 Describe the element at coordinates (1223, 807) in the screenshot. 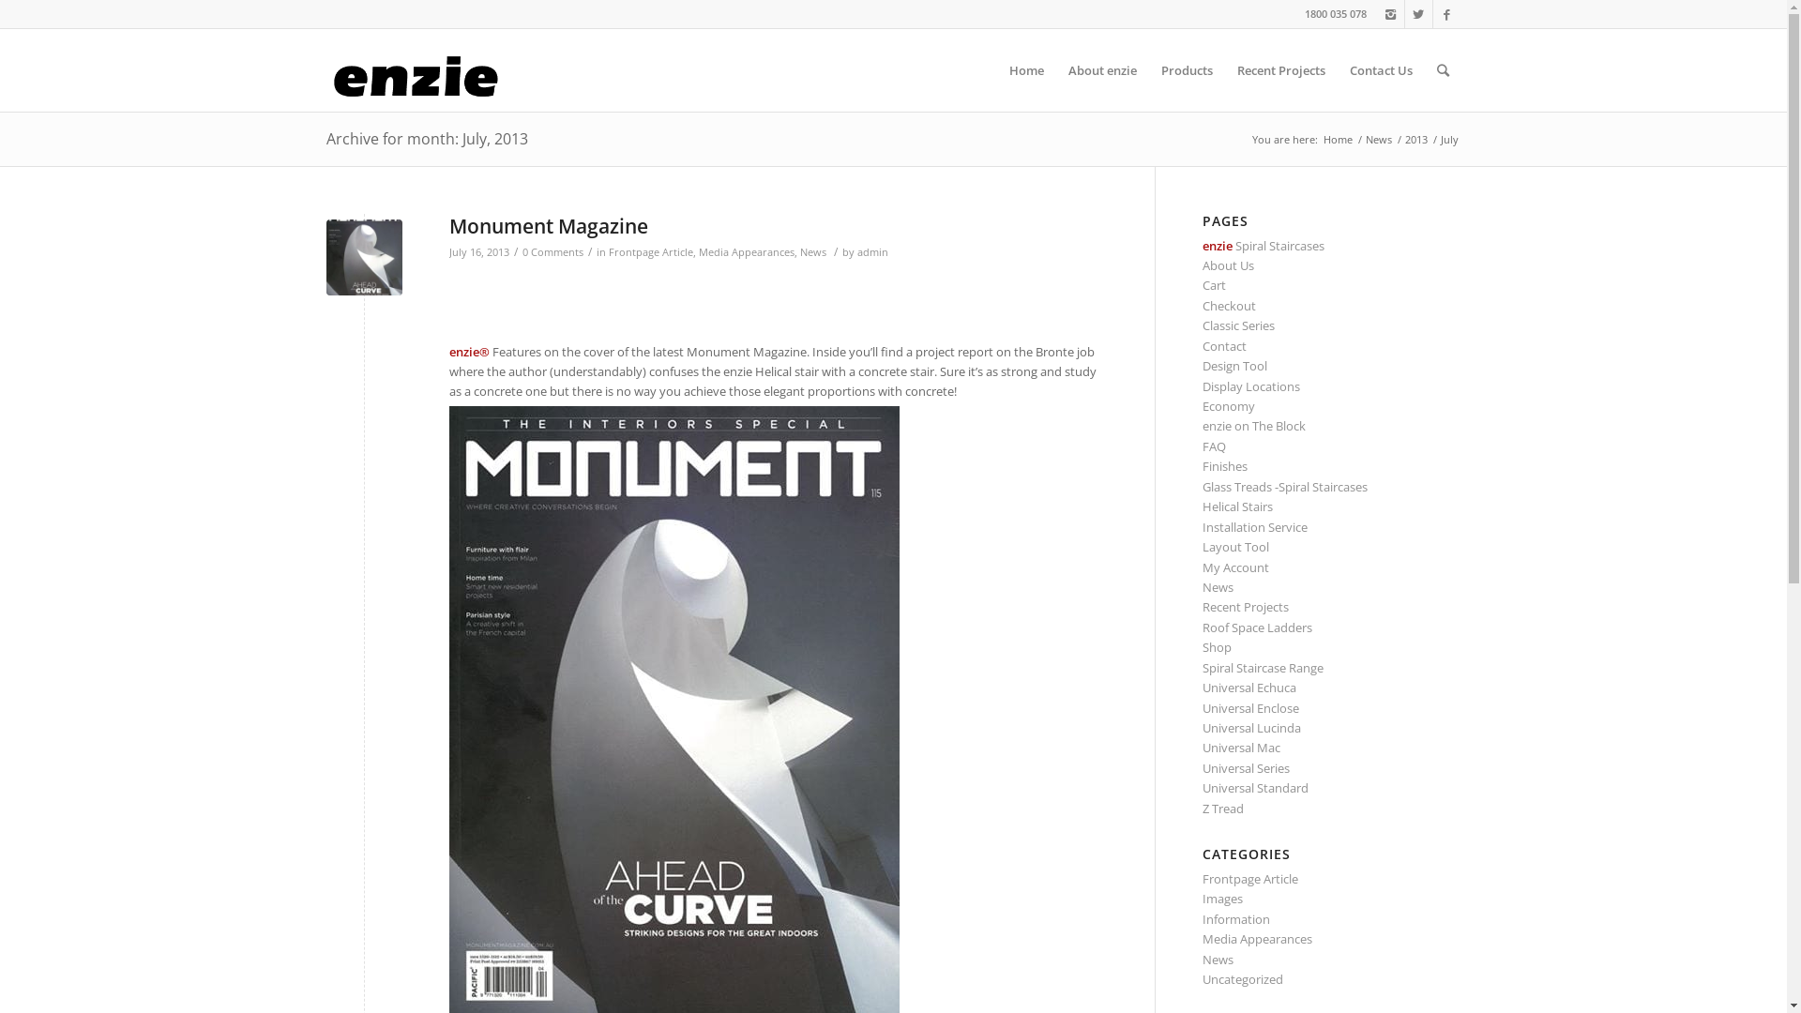

I see `'Z Tread'` at that location.